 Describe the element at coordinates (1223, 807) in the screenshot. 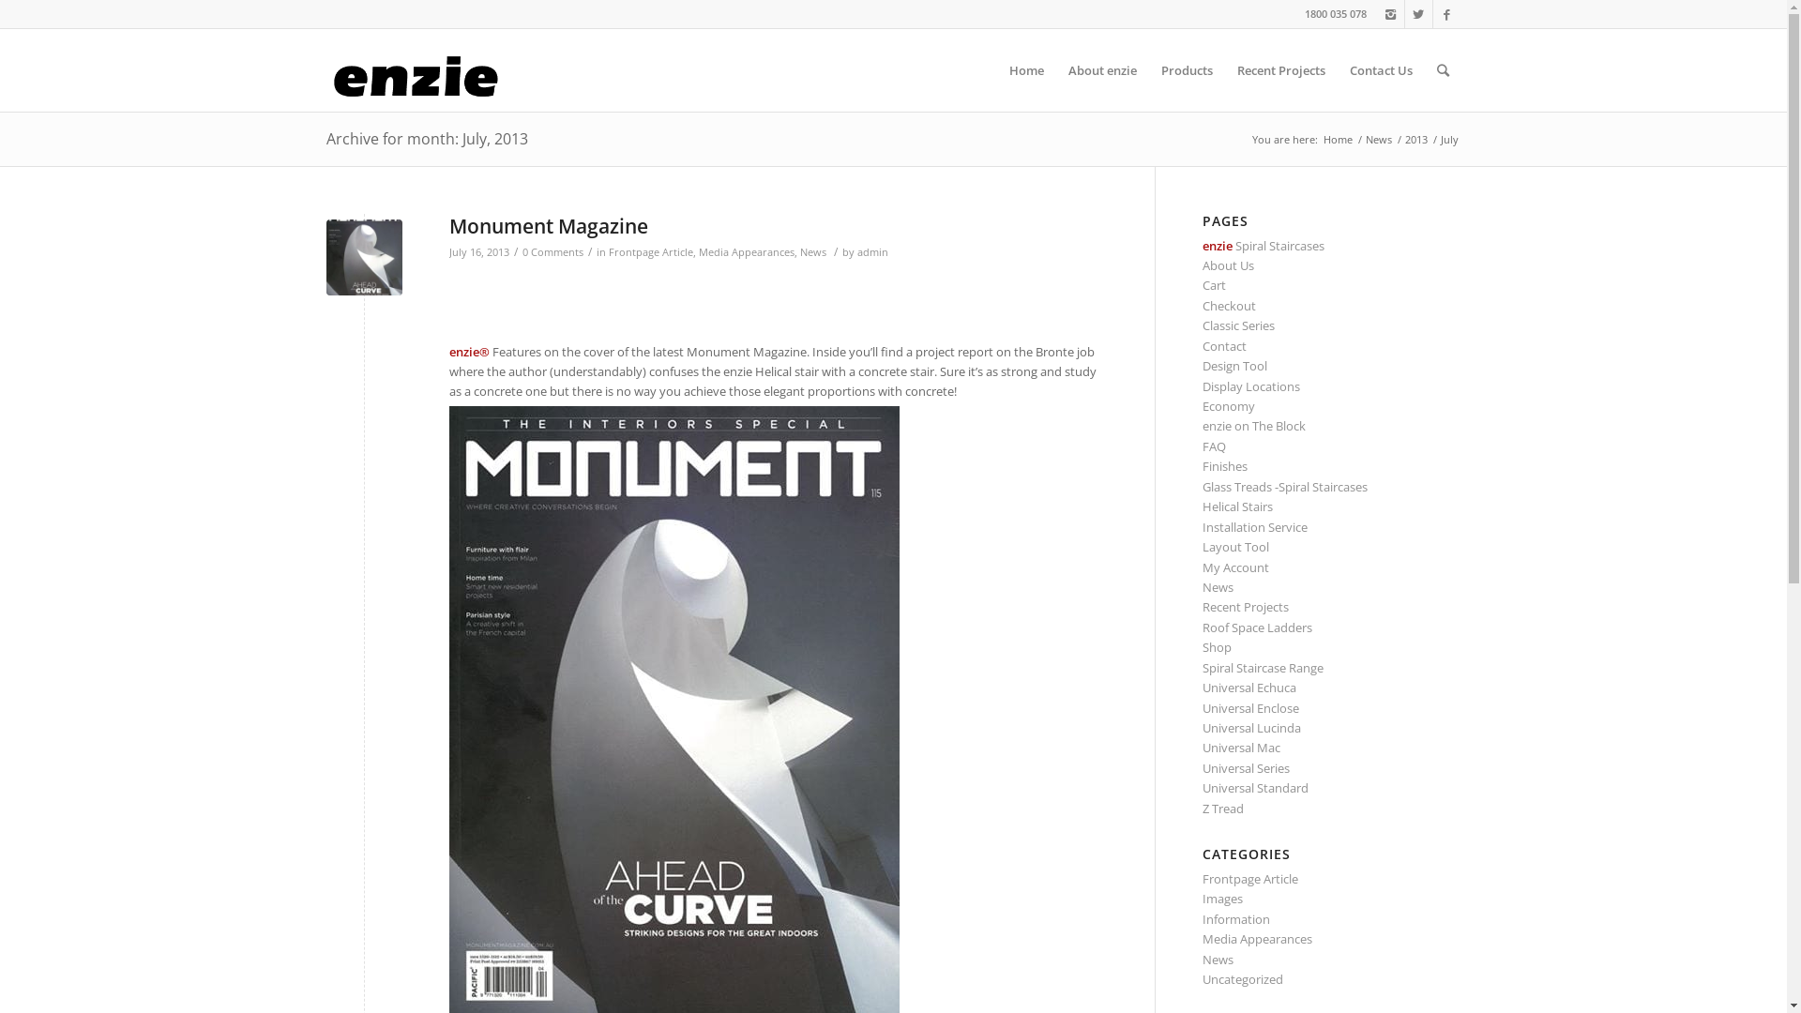

I see `'Z Tread'` at that location.